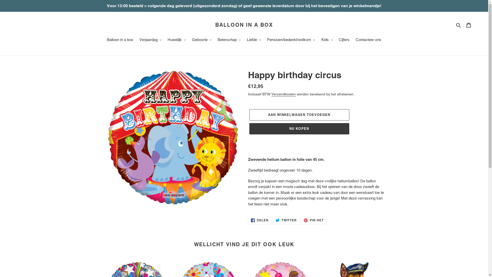 The image size is (492, 277). What do you see at coordinates (468, 25) in the screenshot?
I see `'Winkelwagen'` at bounding box center [468, 25].